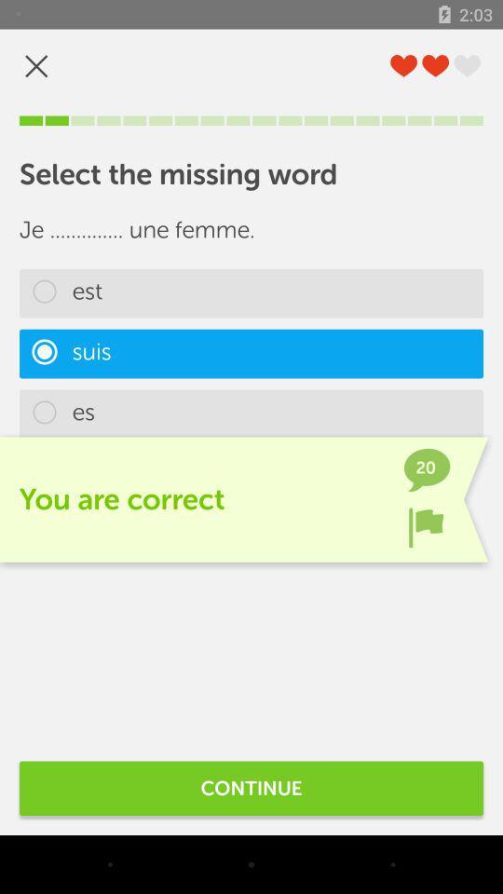 This screenshot has height=894, width=503. What do you see at coordinates (251, 293) in the screenshot?
I see `the est item` at bounding box center [251, 293].